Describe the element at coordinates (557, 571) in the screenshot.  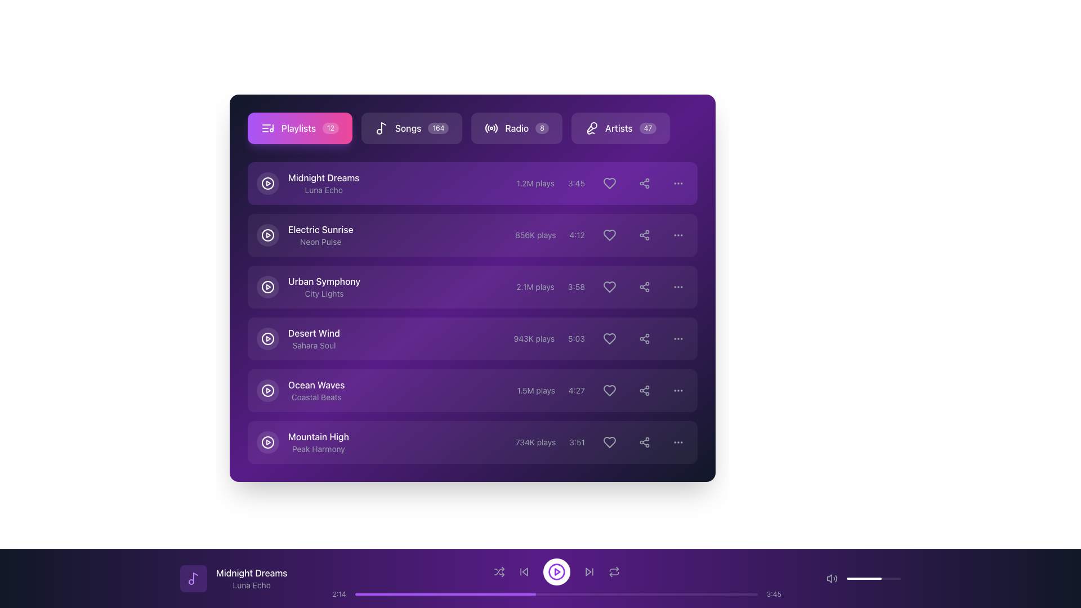
I see `the circular play button with a purple border and triangular play symbol` at that location.